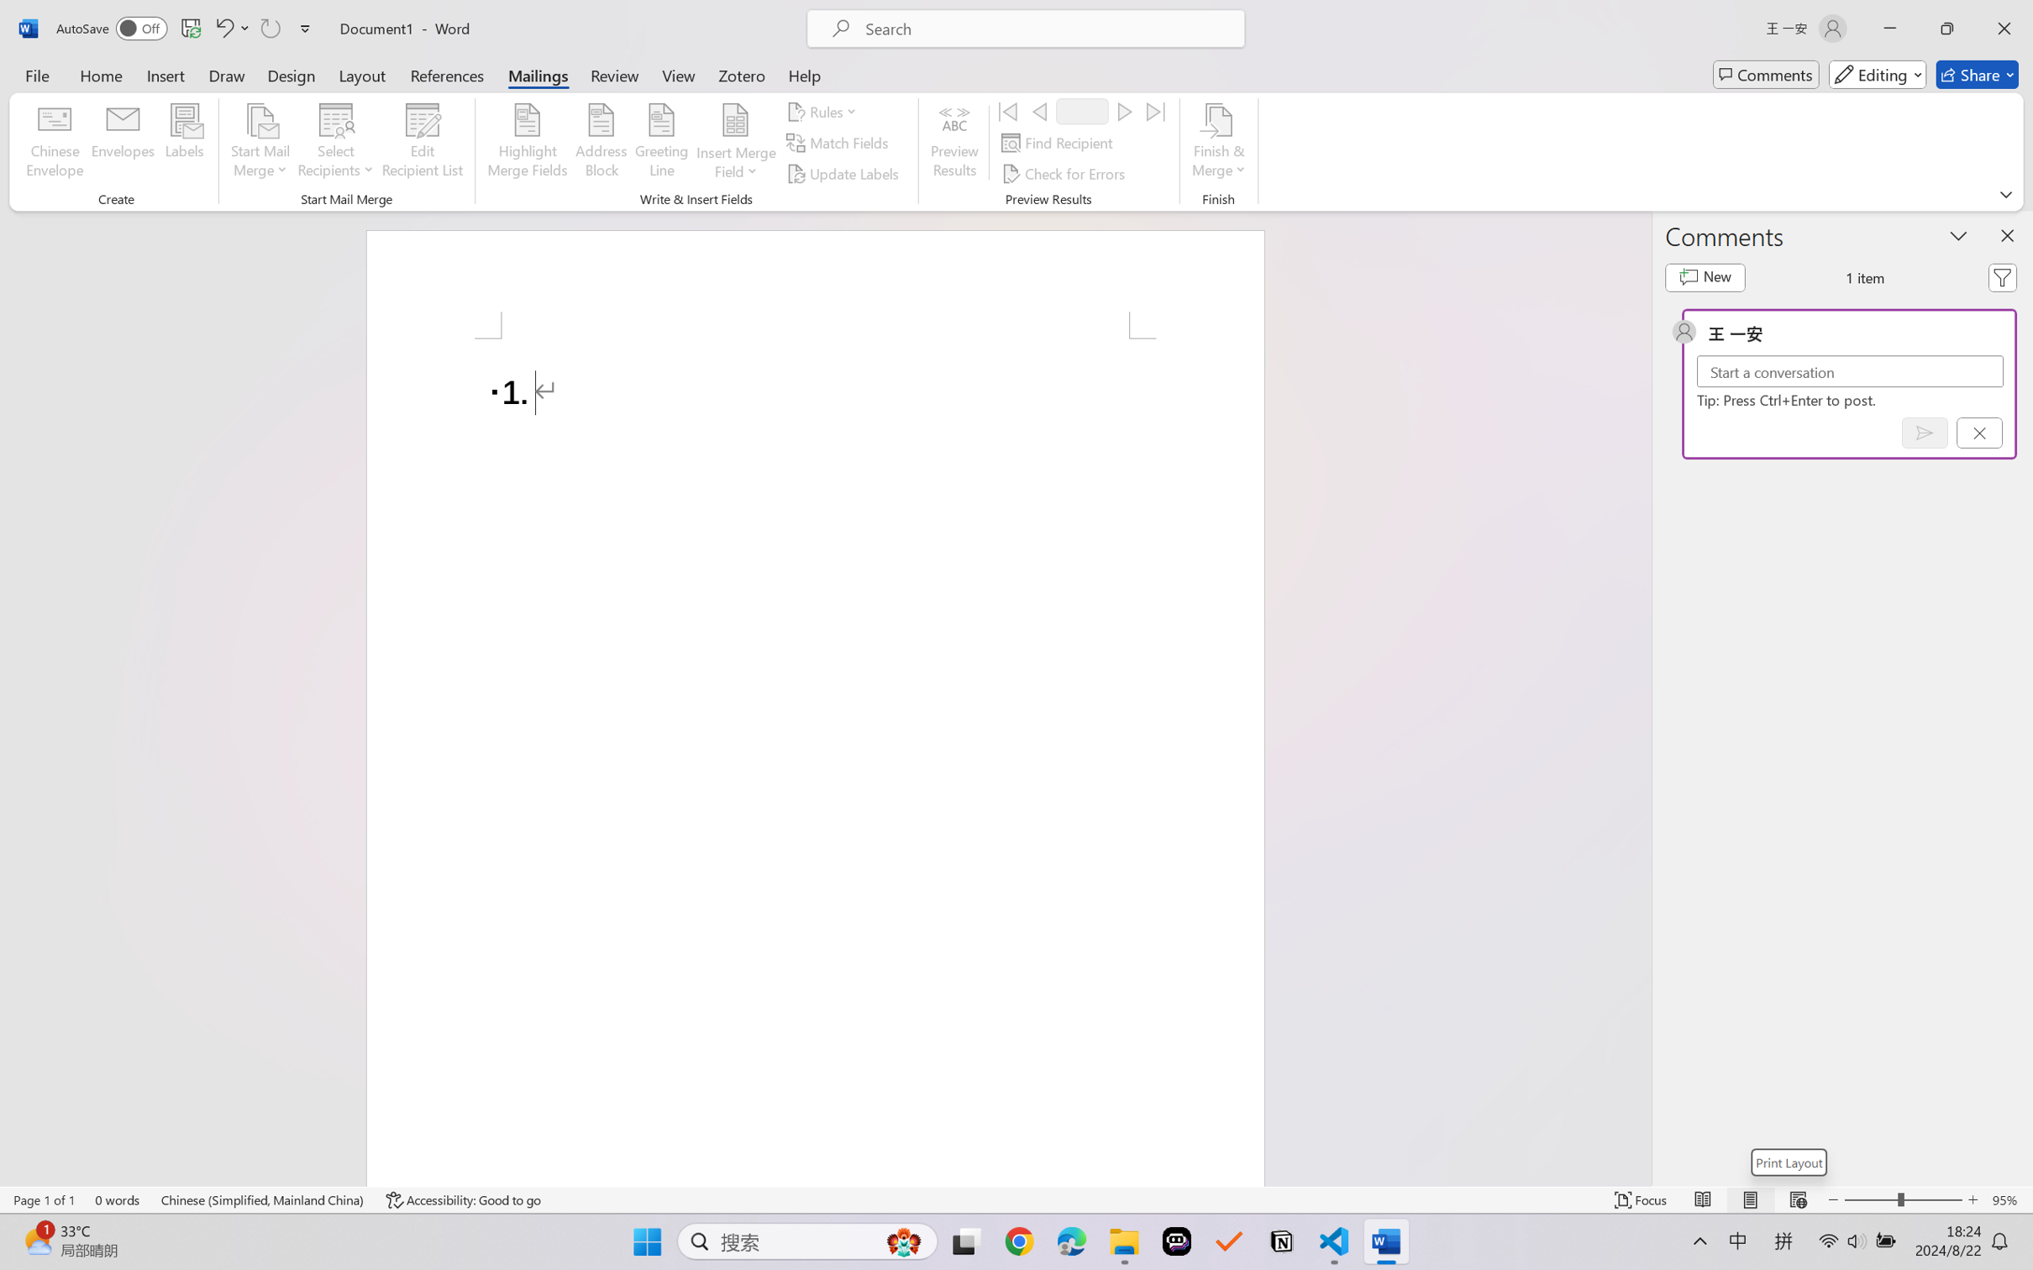 The height and width of the screenshot is (1270, 2033). I want to click on 'Select Recipients', so click(335, 143).